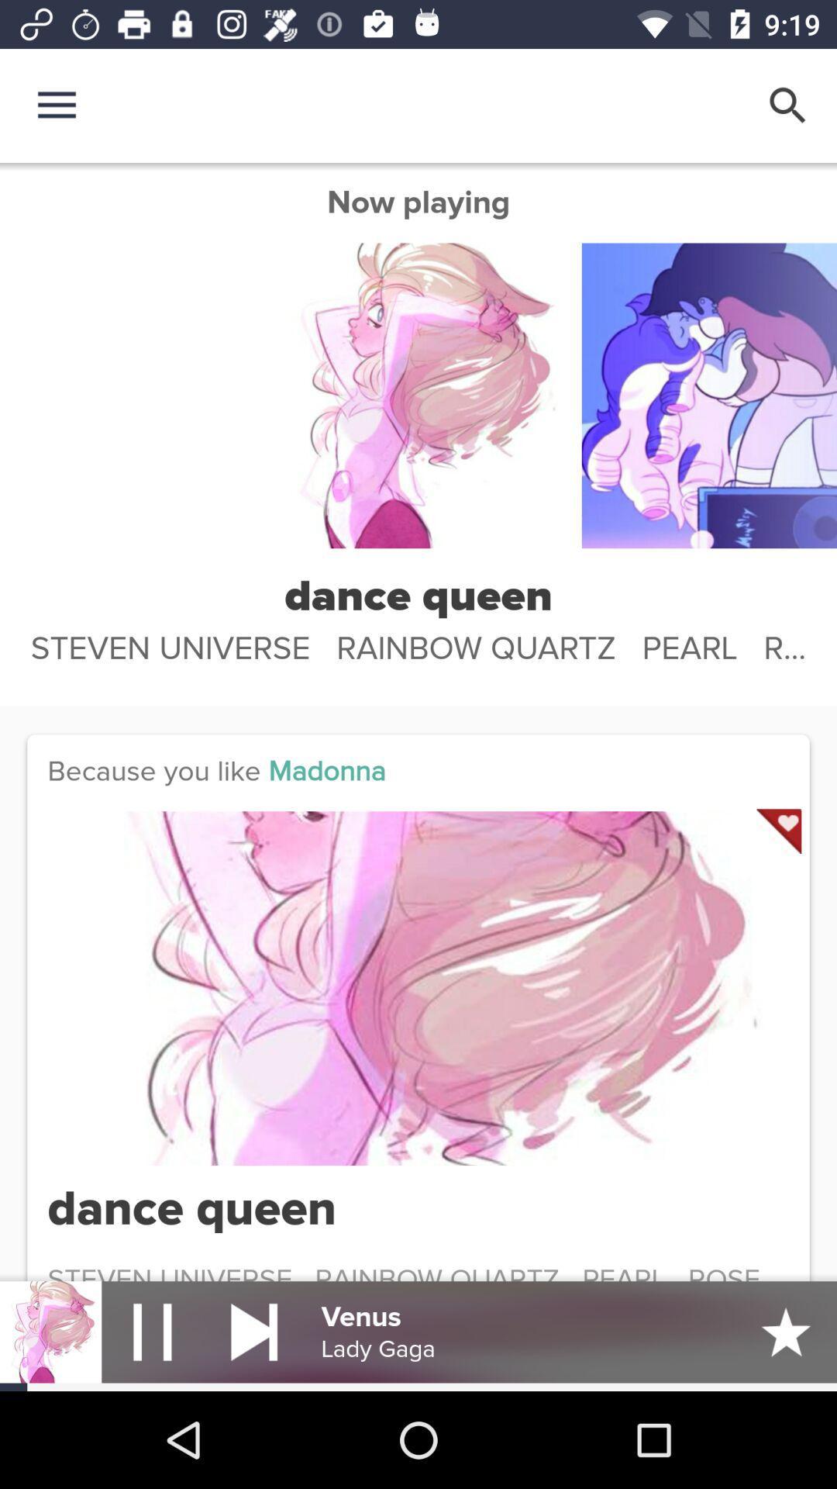 The image size is (837, 1489). Describe the element at coordinates (152, 1331) in the screenshot. I see `the pause icon` at that location.